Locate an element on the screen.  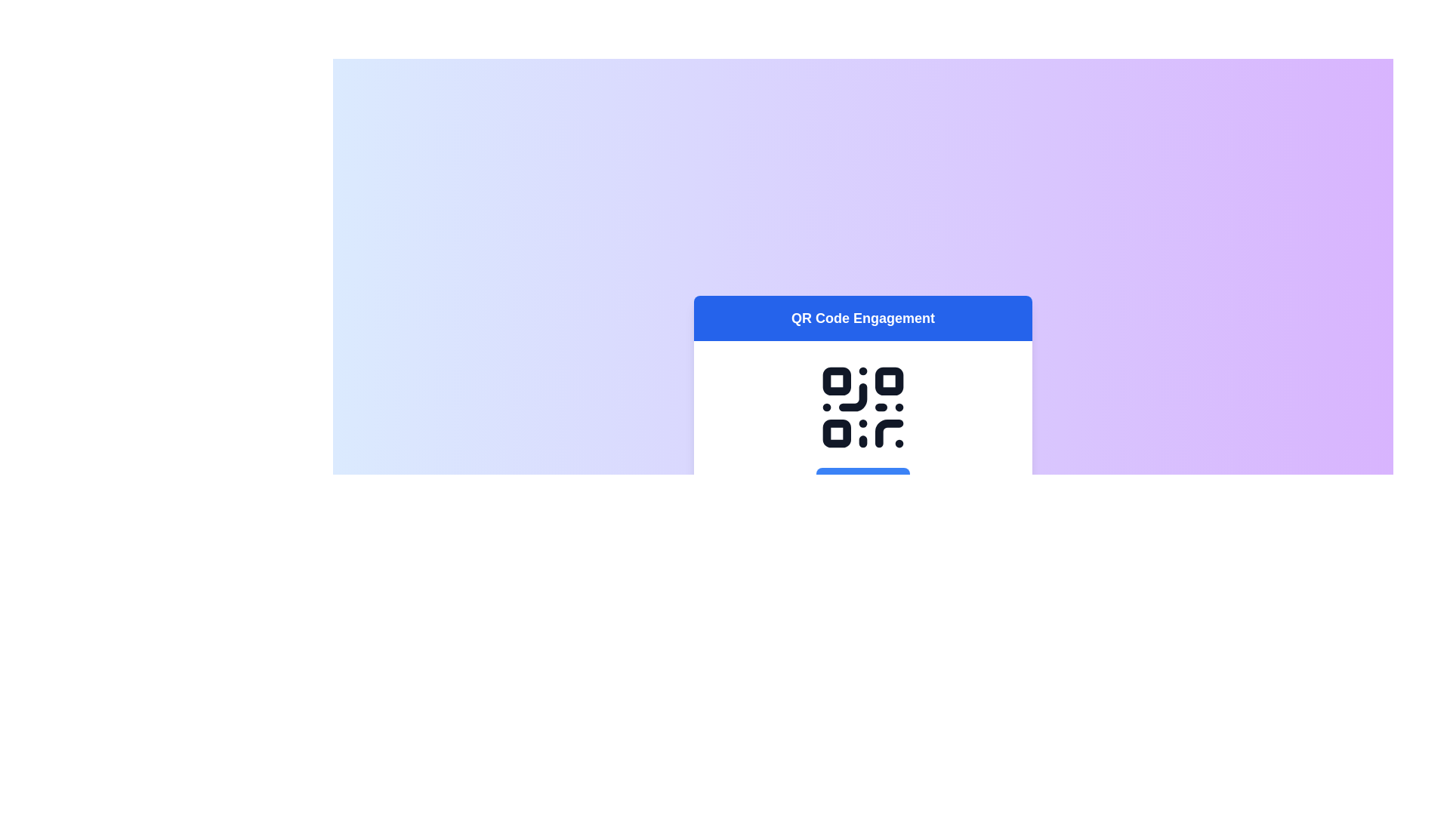
the small square block with a white fill and black border located in the top left corner of the QR code is located at coordinates (836, 380).